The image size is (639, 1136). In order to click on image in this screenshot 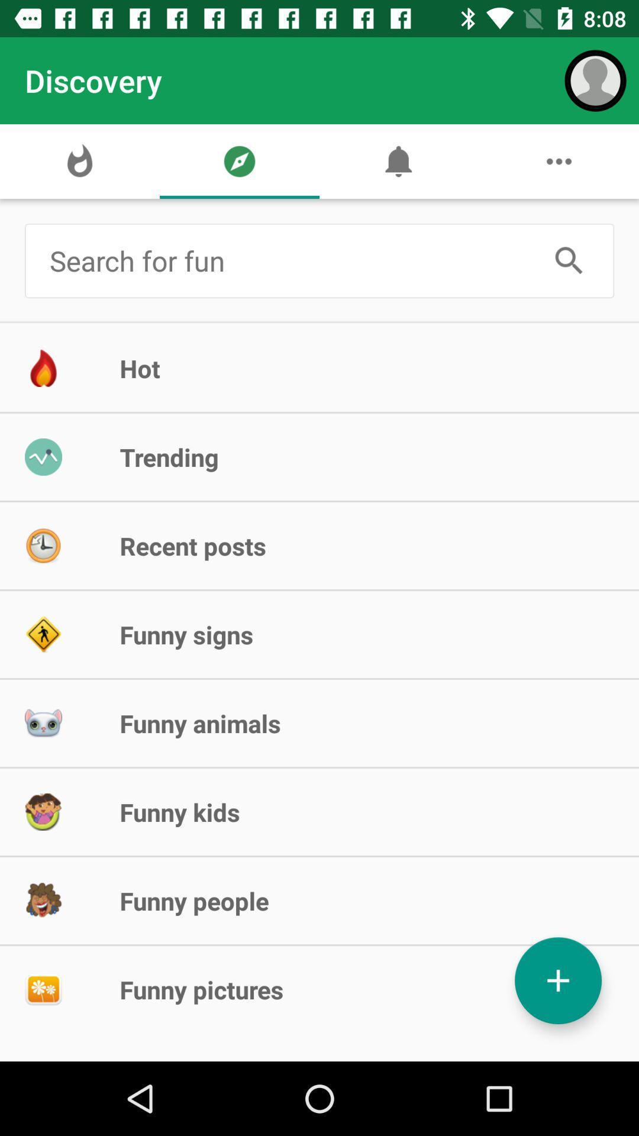, I will do `click(558, 980)`.